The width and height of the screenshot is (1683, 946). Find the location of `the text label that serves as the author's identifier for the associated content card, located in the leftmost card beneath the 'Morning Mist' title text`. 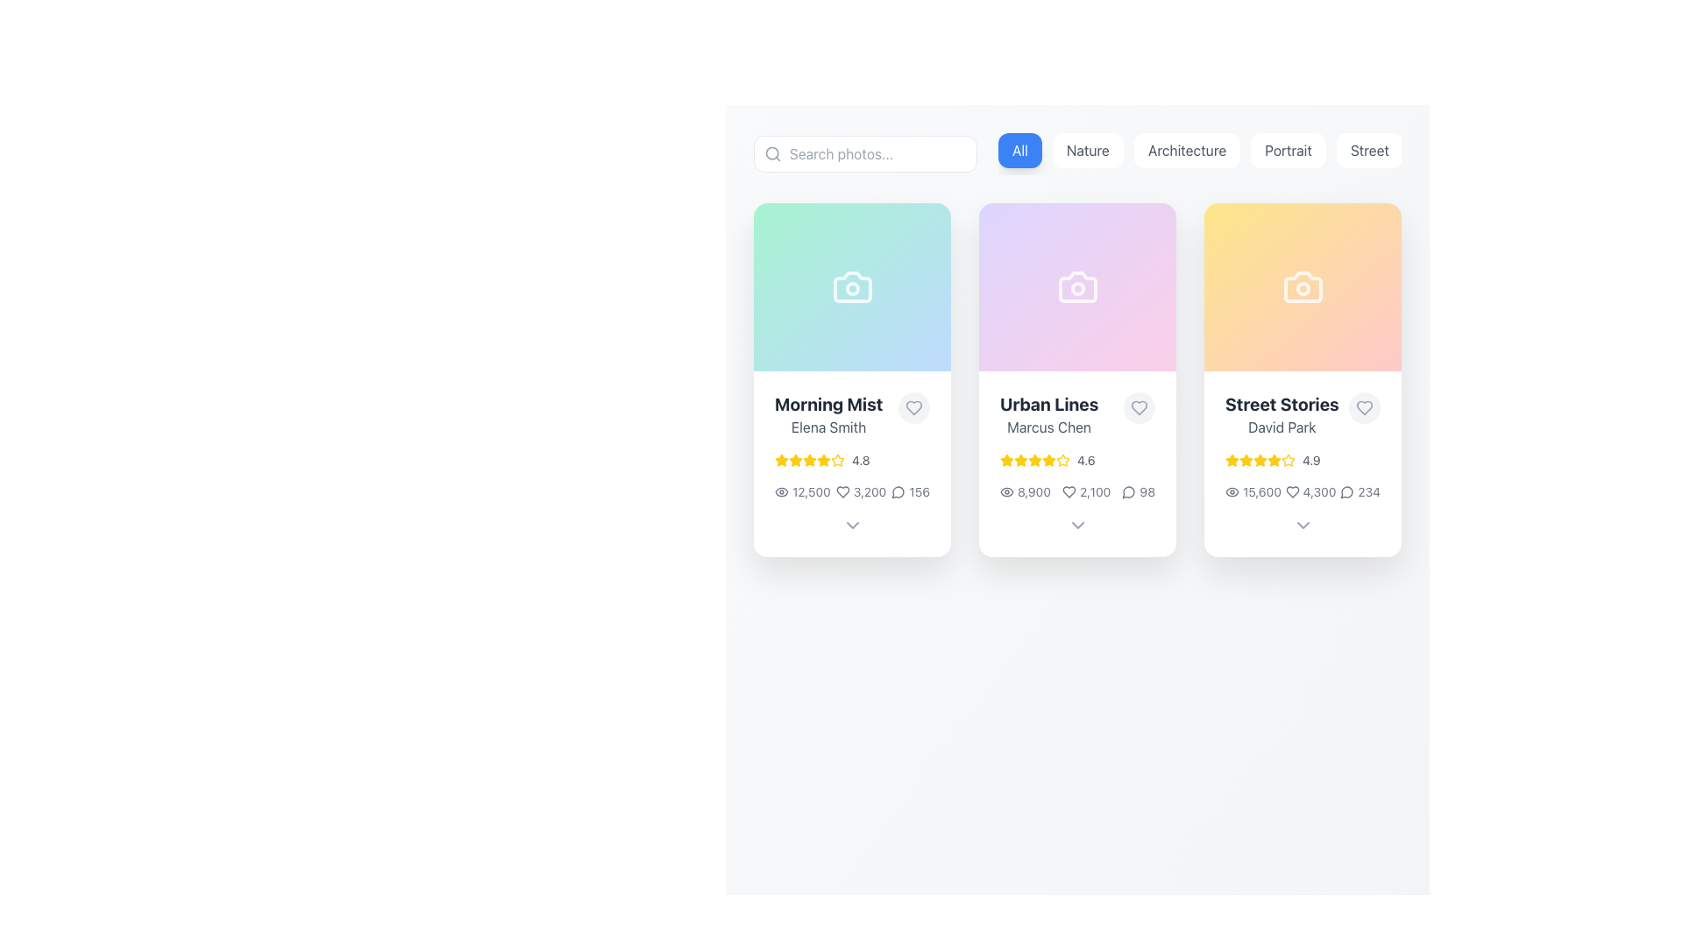

the text label that serves as the author's identifier for the associated content card, located in the leftmost card beneath the 'Morning Mist' title text is located at coordinates (827, 427).